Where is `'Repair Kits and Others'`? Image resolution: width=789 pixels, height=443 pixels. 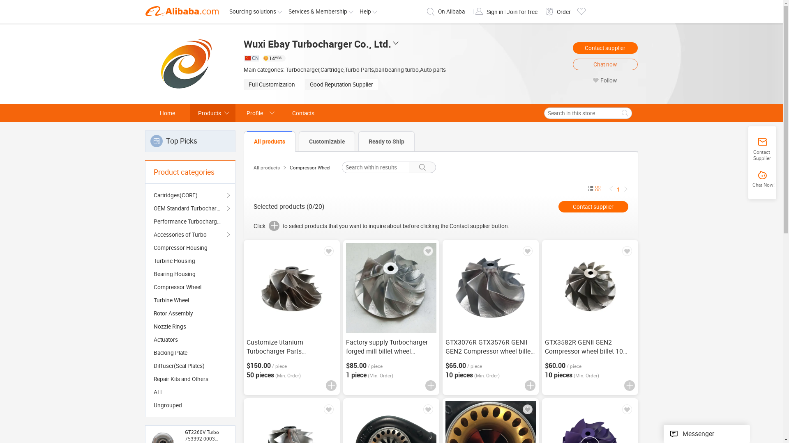
'Repair Kits and Others' is located at coordinates (189, 379).